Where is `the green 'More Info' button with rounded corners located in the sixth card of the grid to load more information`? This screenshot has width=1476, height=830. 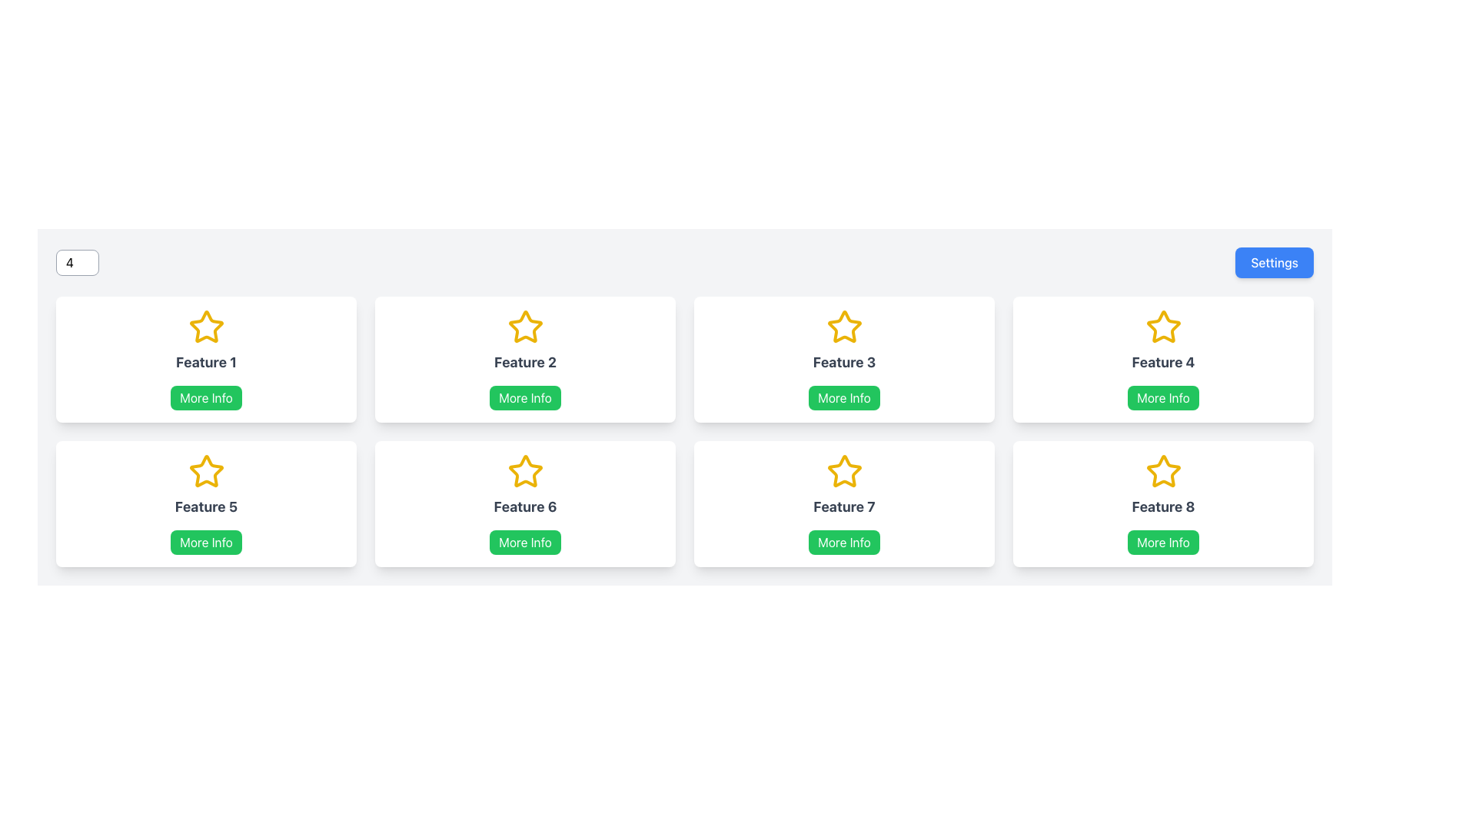 the green 'More Info' button with rounded corners located in the sixth card of the grid to load more information is located at coordinates (525, 541).